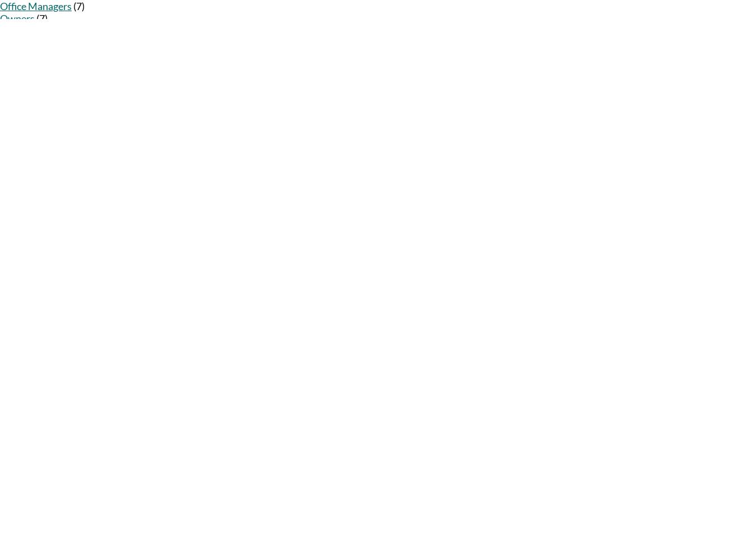 The image size is (756, 550). I want to click on 'RSS Feed', so click(15, 419).